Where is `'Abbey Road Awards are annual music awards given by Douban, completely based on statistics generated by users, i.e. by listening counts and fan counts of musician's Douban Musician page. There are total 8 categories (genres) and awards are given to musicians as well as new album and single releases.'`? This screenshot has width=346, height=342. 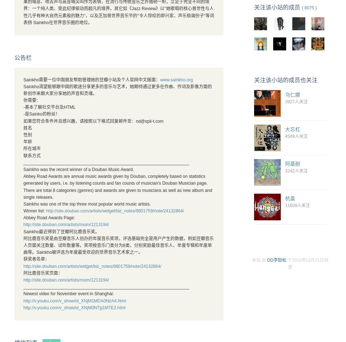 'Abbey Road Awards are annual music awards given by Douban, completely based on statistics generated by users, i.e. by listening counts and fan counts of musician's Douban Musician page. There are total 8 categories (genres) and awards are given to musicians as well as new album and single releases.' is located at coordinates (117, 186).